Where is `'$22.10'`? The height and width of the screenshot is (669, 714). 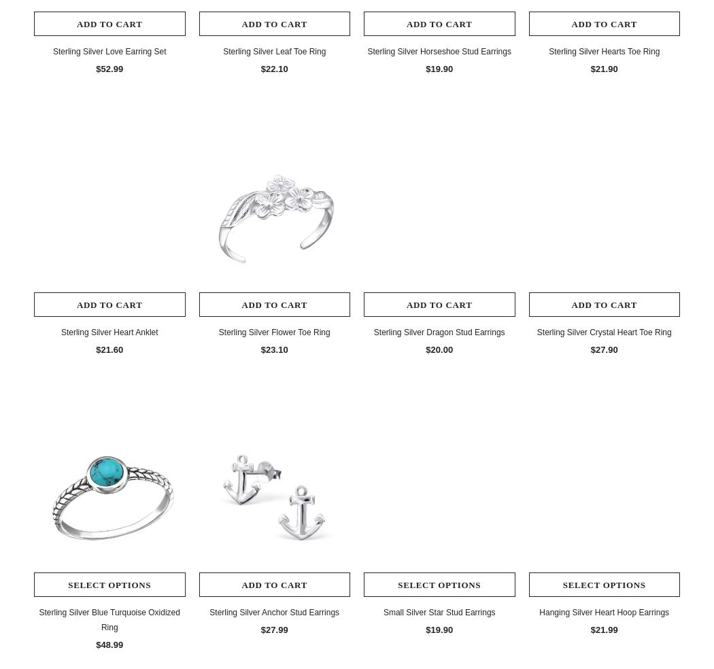 '$22.10' is located at coordinates (273, 68).